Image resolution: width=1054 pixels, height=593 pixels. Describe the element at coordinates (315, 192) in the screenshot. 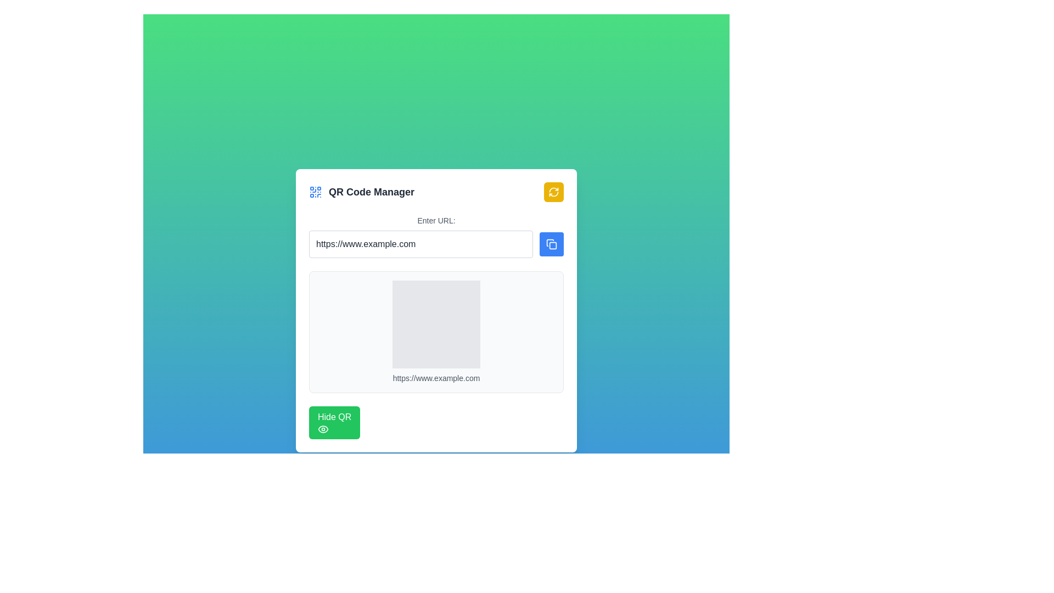

I see `the QR code icon located to the immediate left of the bolded text 'QR Code Manager' in the header section of the modal dialog box` at that location.